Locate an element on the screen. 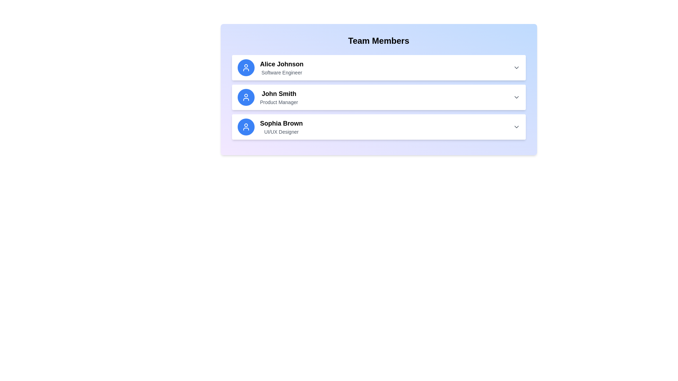 The width and height of the screenshot is (678, 381). the appearance of the user avatar icon for 'John Smith' located in the second entry of the 'Team Members' list, next to the designation 'Product Manager.' is located at coordinates (246, 97).